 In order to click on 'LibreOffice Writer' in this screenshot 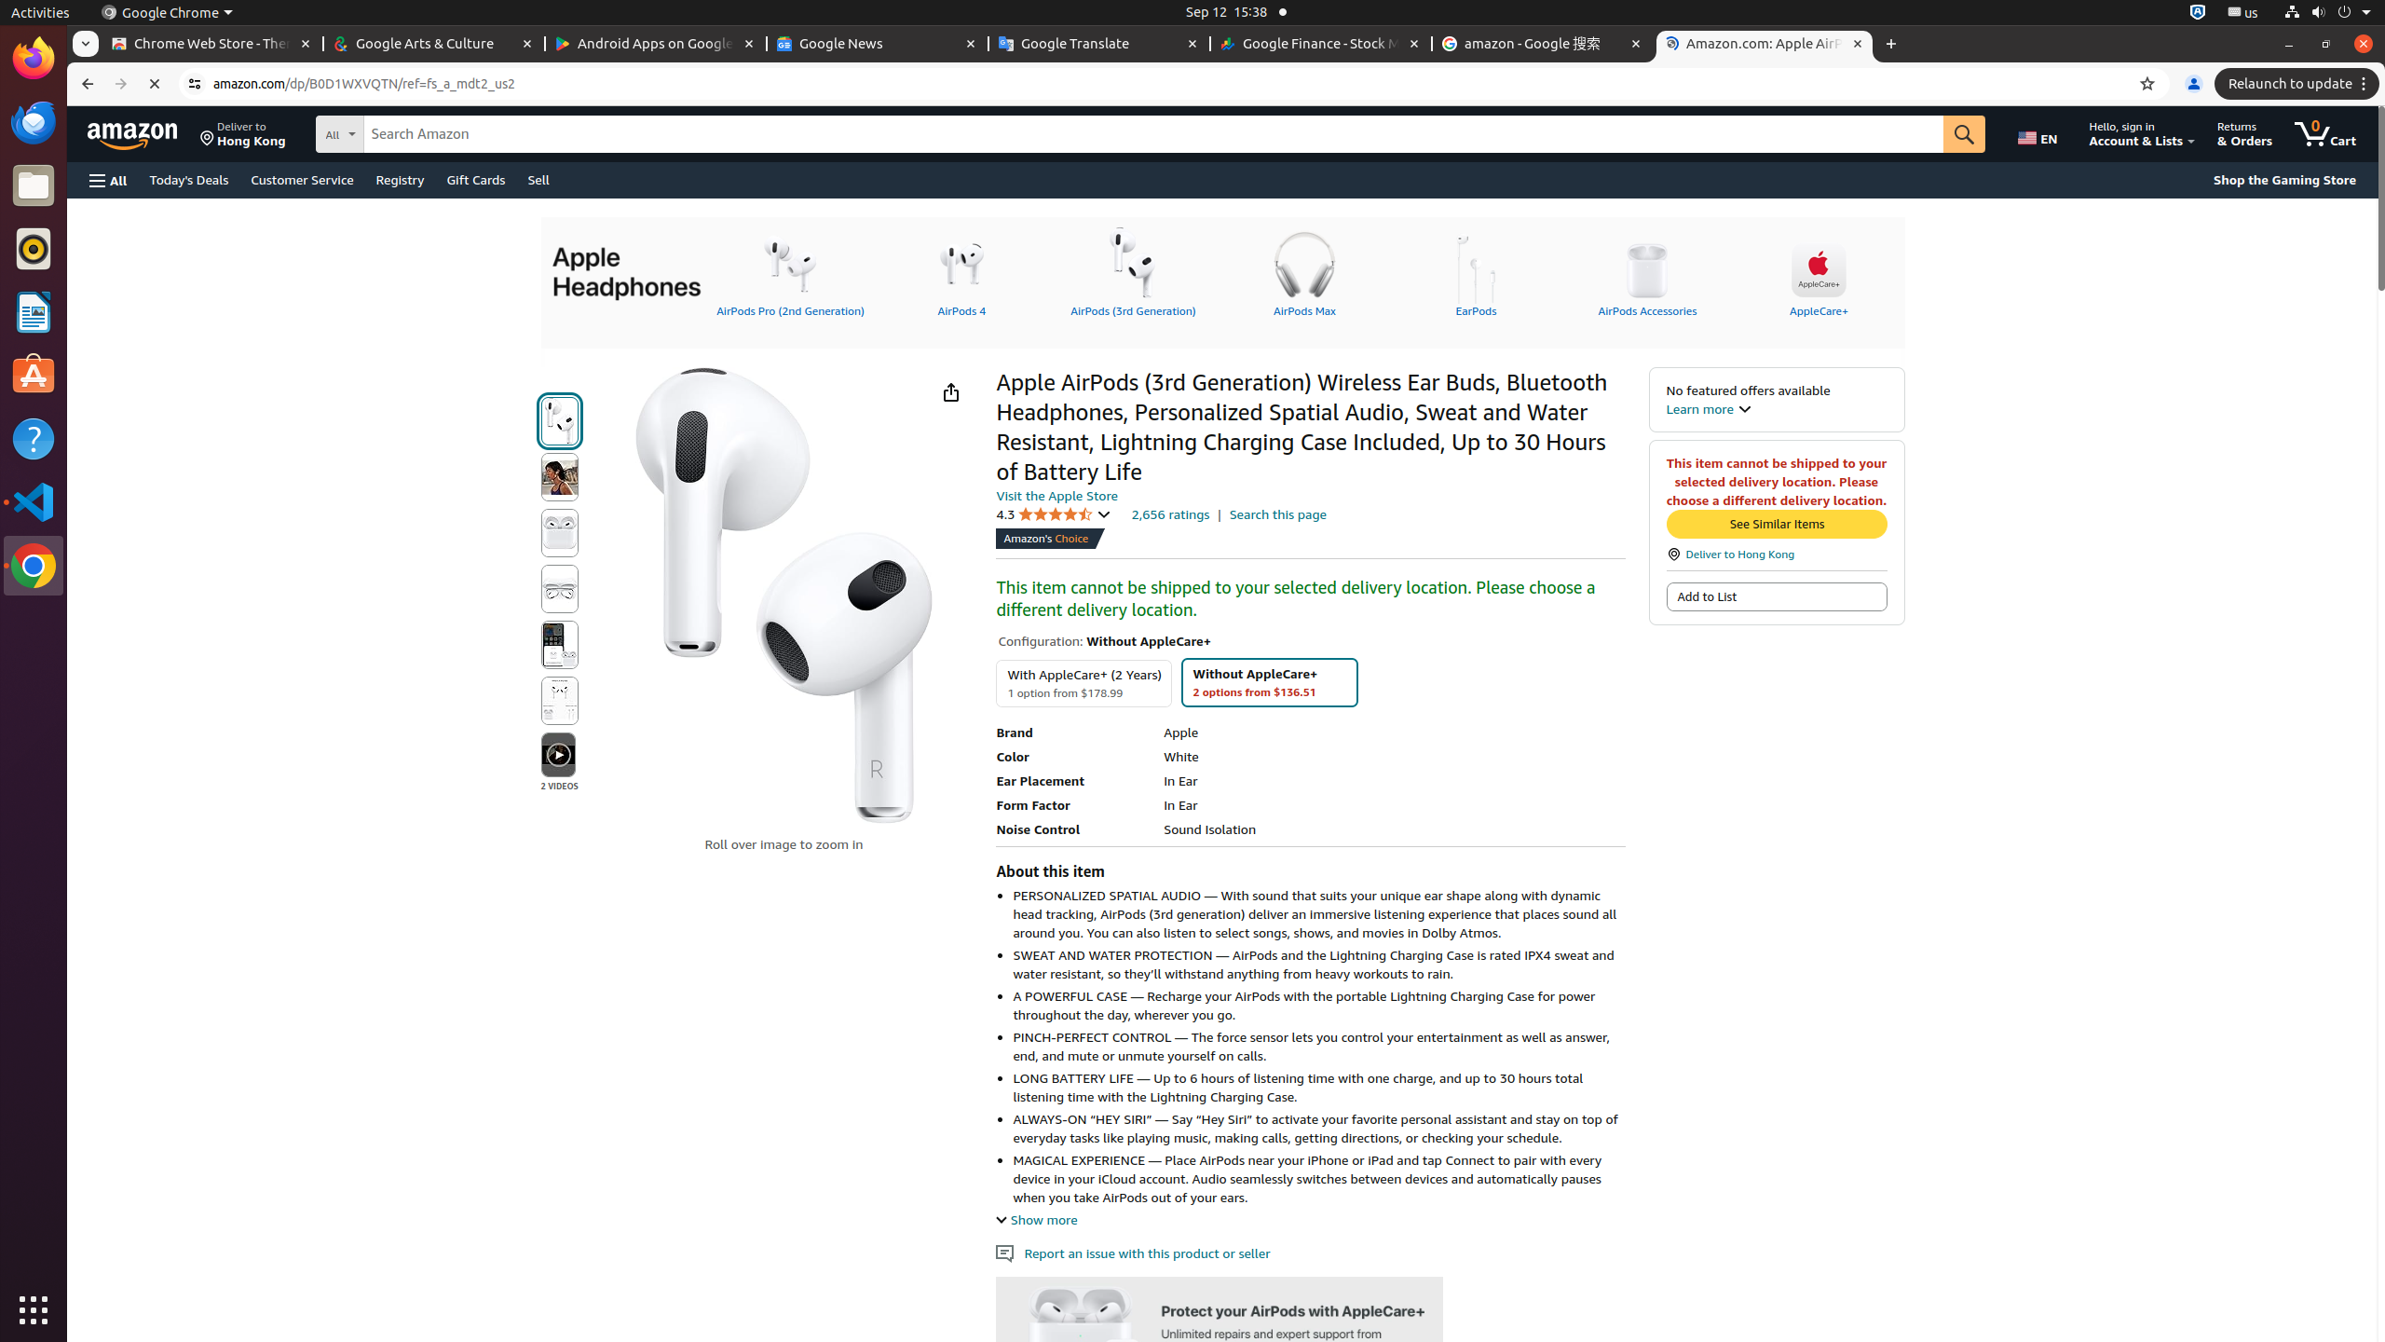, I will do `click(34, 310)`.